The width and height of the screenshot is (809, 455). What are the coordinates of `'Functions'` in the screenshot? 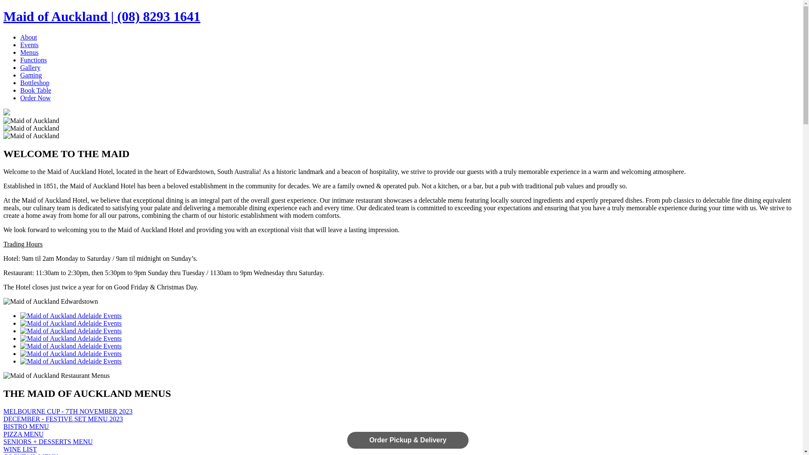 It's located at (33, 59).